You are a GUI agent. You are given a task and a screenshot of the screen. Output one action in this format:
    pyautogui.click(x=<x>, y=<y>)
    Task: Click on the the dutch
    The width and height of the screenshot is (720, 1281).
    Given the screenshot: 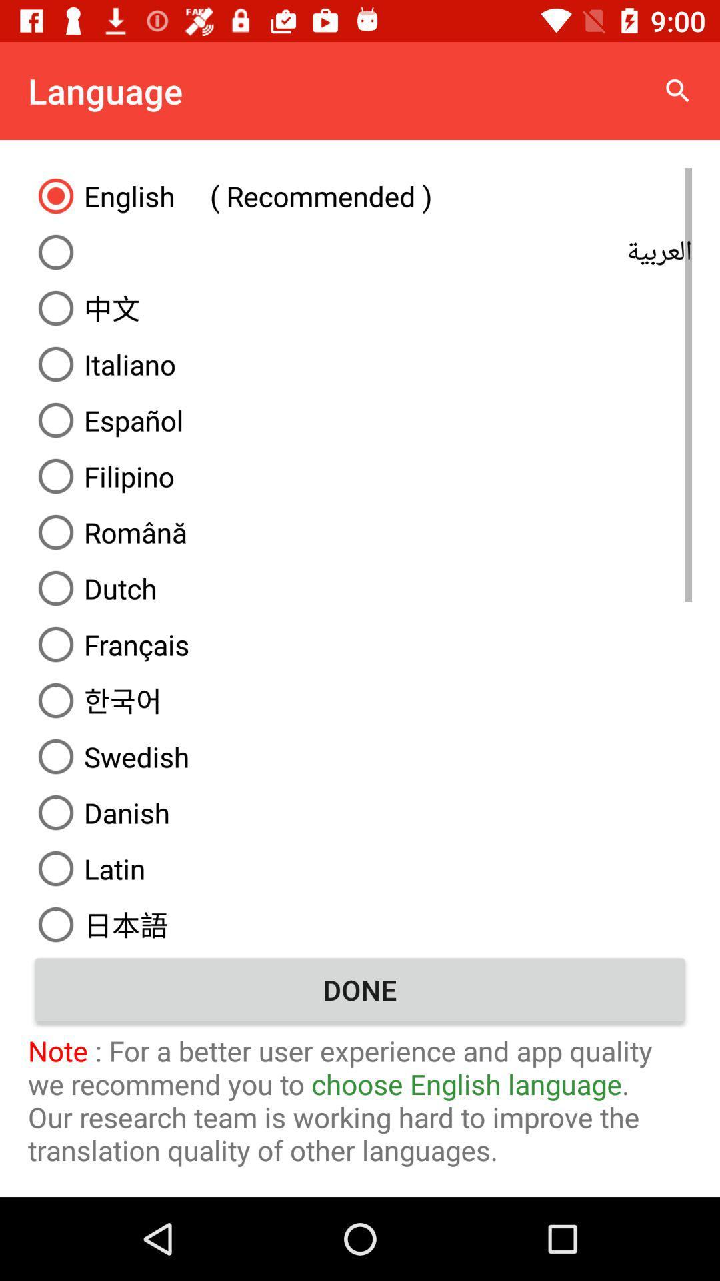 What is the action you would take?
    pyautogui.click(x=360, y=588)
    